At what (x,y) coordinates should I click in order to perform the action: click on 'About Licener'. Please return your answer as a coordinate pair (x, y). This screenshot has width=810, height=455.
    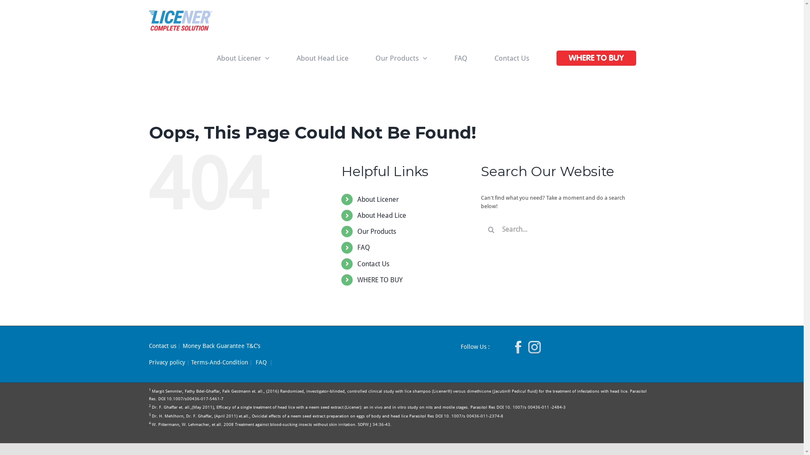
    Looking at the image, I should click on (378, 199).